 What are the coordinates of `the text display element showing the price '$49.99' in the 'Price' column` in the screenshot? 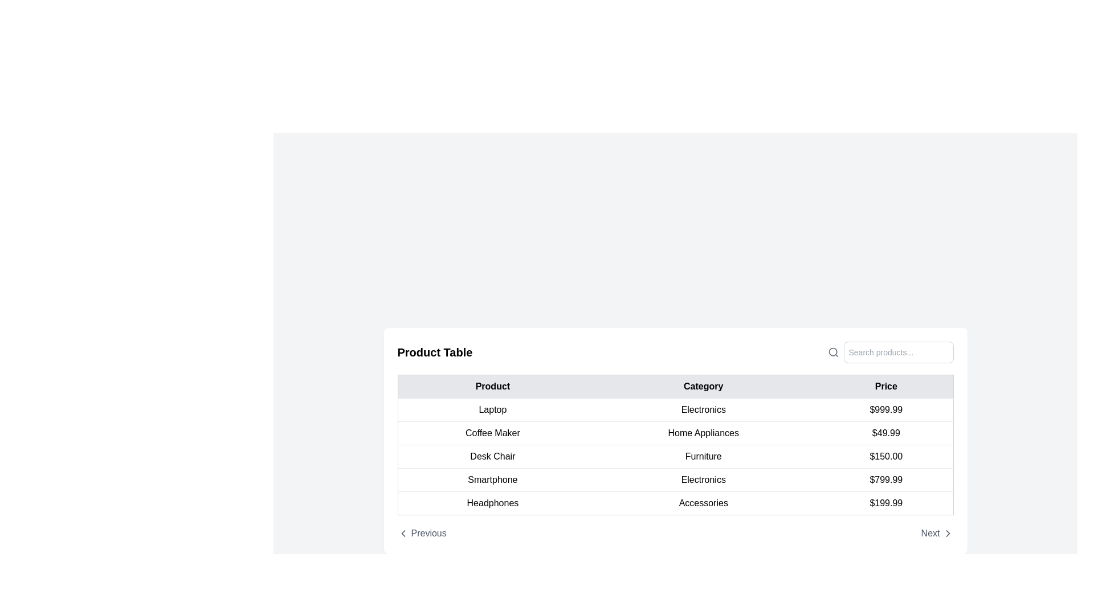 It's located at (885, 433).